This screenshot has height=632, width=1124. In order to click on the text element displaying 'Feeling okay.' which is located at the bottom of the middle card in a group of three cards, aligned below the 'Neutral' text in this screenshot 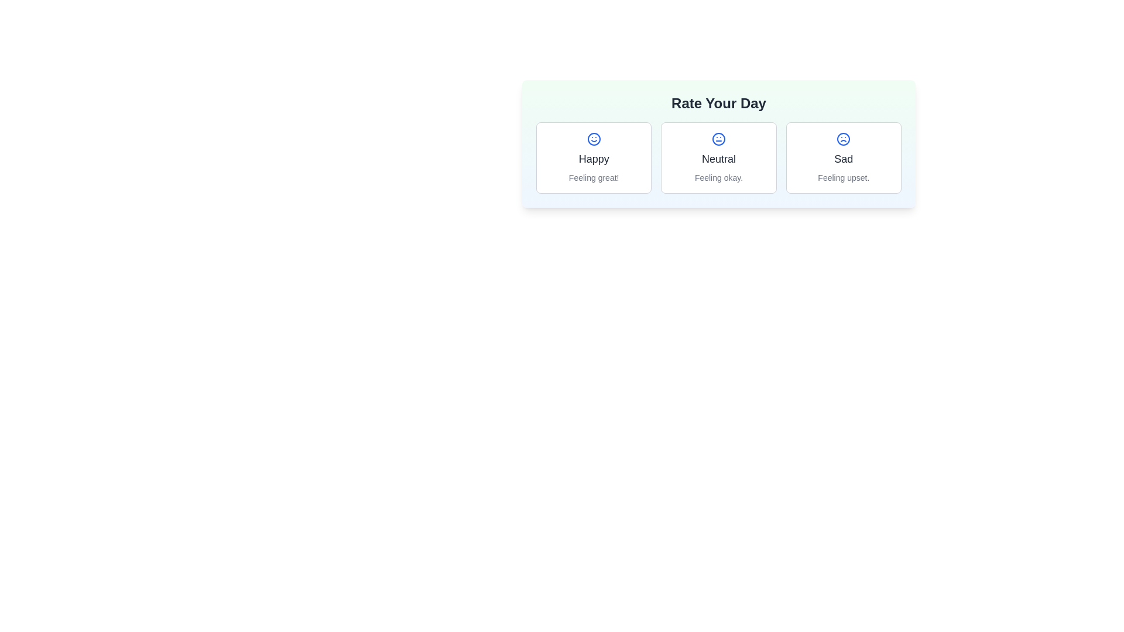, I will do `click(718, 178)`.